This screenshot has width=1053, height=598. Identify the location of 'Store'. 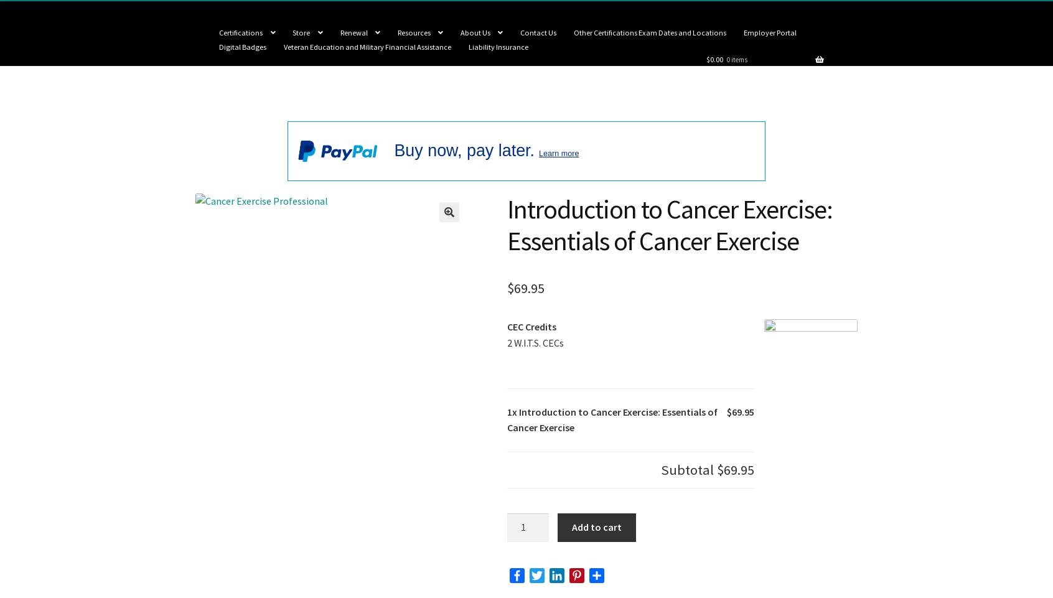
(292, 32).